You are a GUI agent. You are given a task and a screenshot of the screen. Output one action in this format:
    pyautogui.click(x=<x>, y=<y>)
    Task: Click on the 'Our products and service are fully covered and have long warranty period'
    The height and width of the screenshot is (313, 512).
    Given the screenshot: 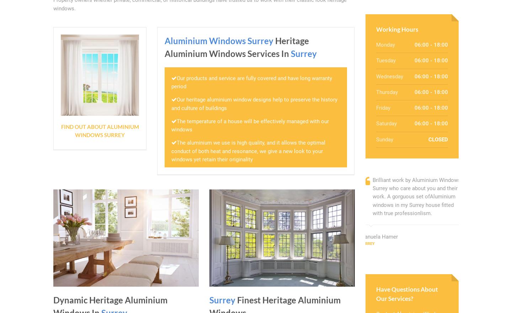 What is the action you would take?
    pyautogui.click(x=252, y=82)
    